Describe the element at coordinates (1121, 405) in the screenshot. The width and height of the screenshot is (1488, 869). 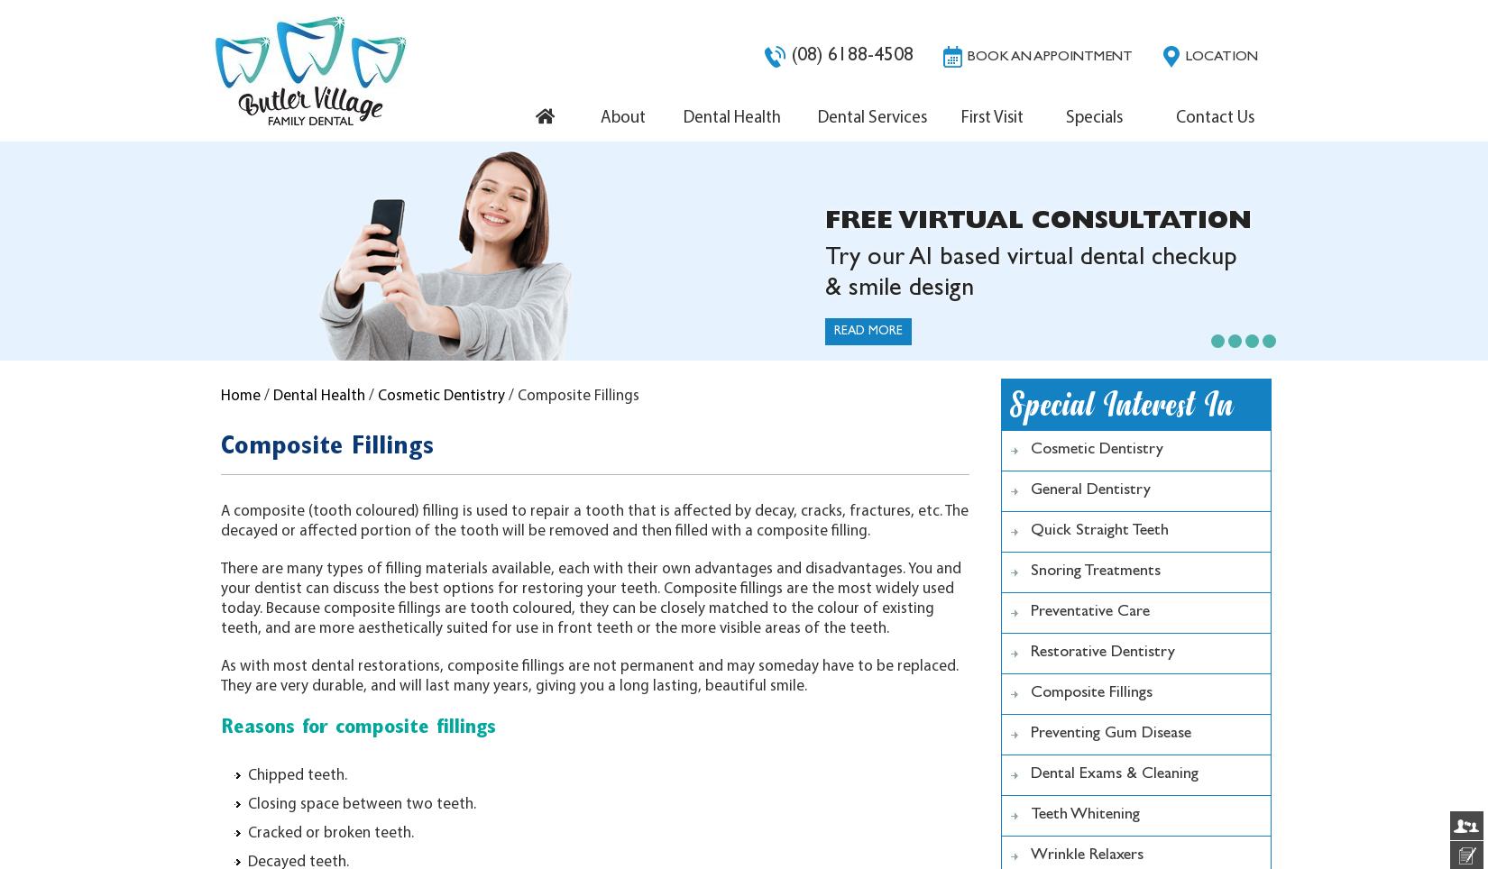
I see `'Special Interest In'` at that location.